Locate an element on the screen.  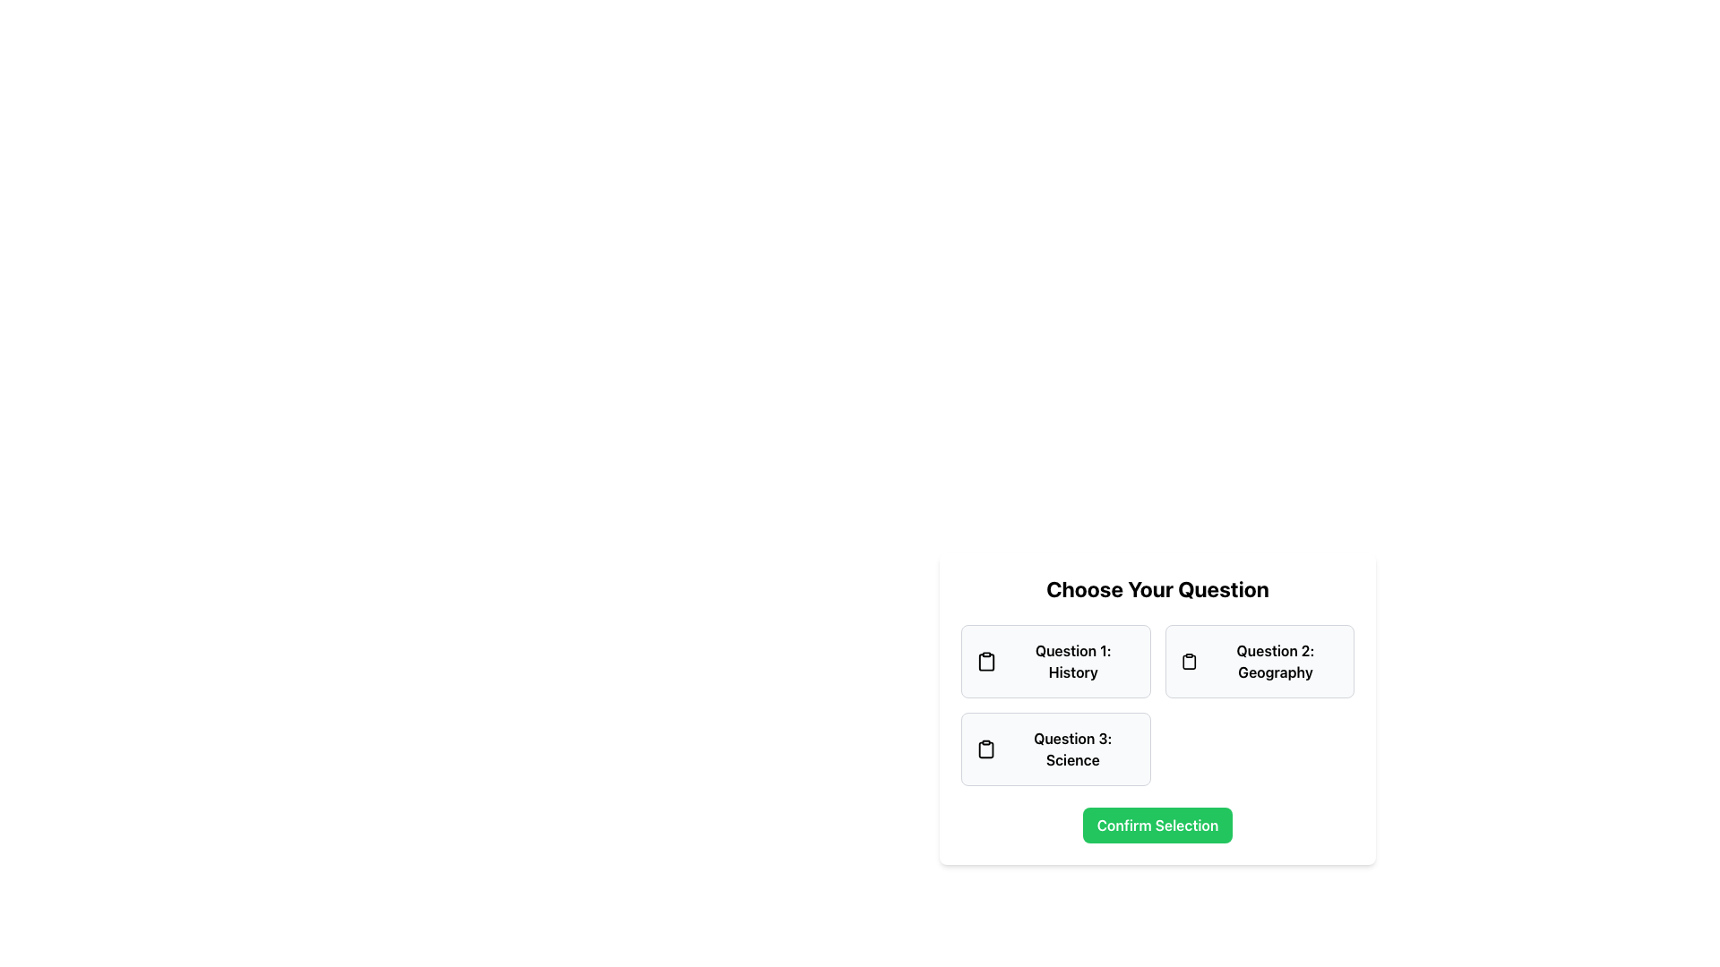
the confirmation button located at the bottom of the options grid to confirm the user's selection is located at coordinates (1157, 825).